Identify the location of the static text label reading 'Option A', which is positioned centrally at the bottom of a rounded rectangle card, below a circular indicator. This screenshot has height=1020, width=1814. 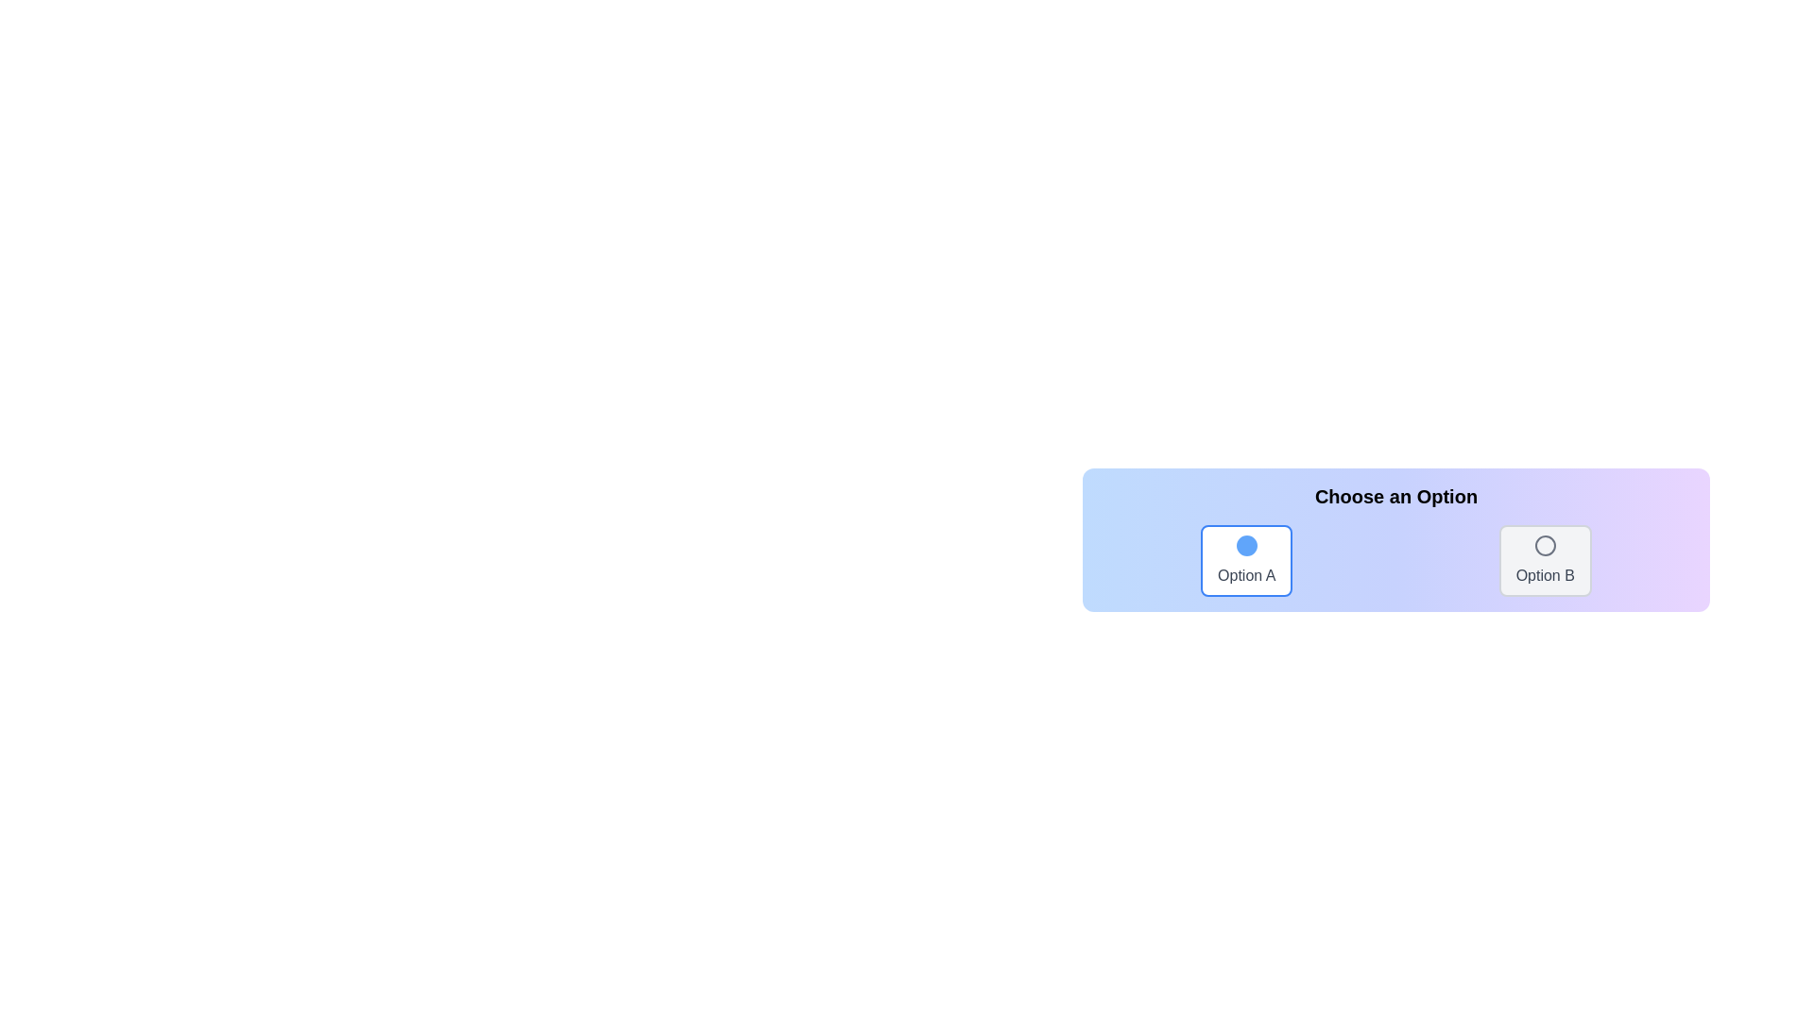
(1246, 574).